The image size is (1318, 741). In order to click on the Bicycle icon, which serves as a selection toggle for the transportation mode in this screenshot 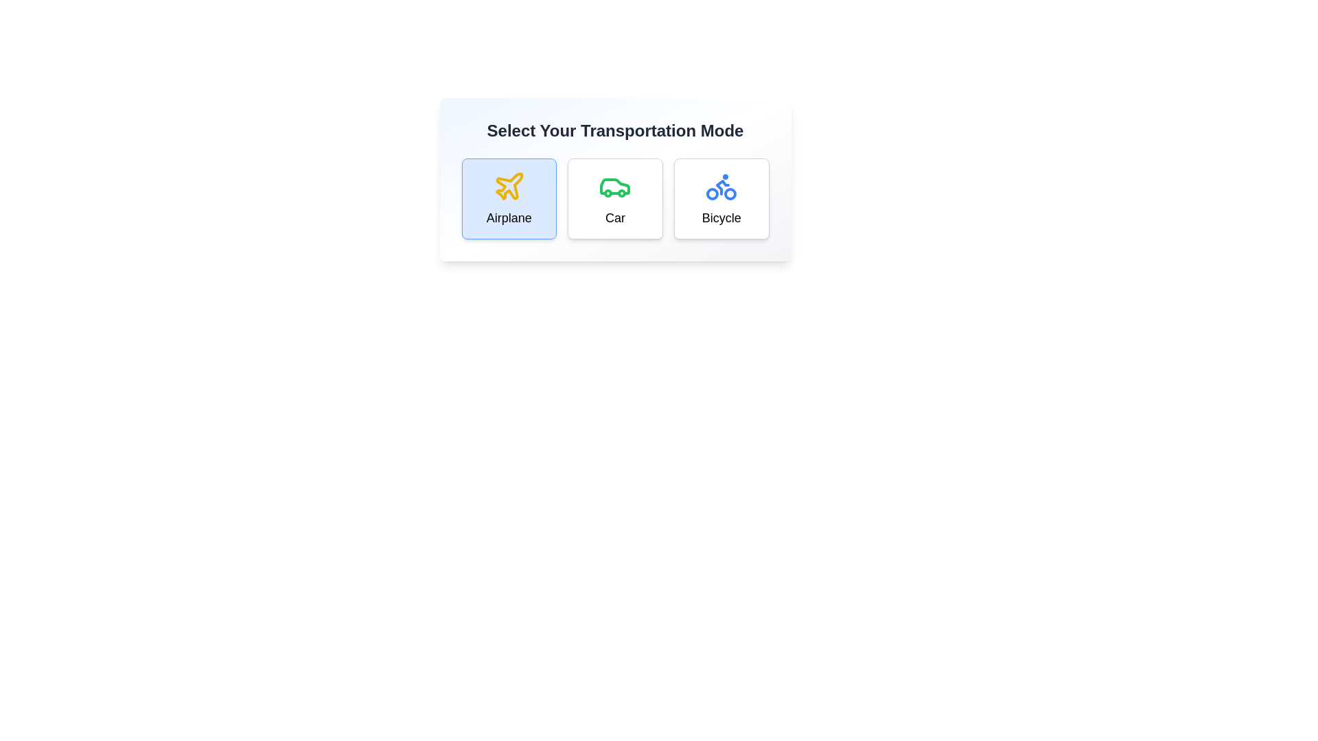, I will do `click(721, 187)`.